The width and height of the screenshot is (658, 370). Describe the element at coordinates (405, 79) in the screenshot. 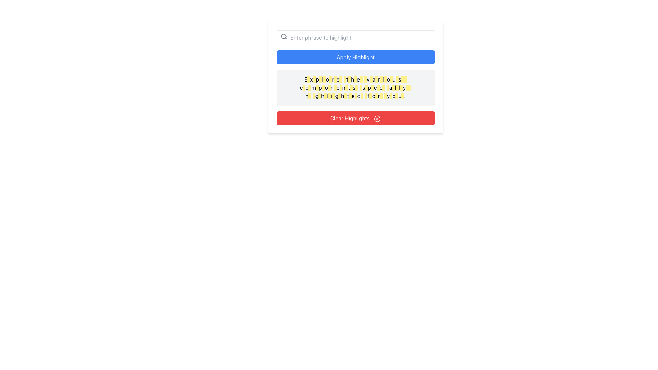

I see `the last yellow highlight marker in the sentence, which is located in the gray area below the 'Apply Highlight' button and is the 20th highlighted box` at that location.